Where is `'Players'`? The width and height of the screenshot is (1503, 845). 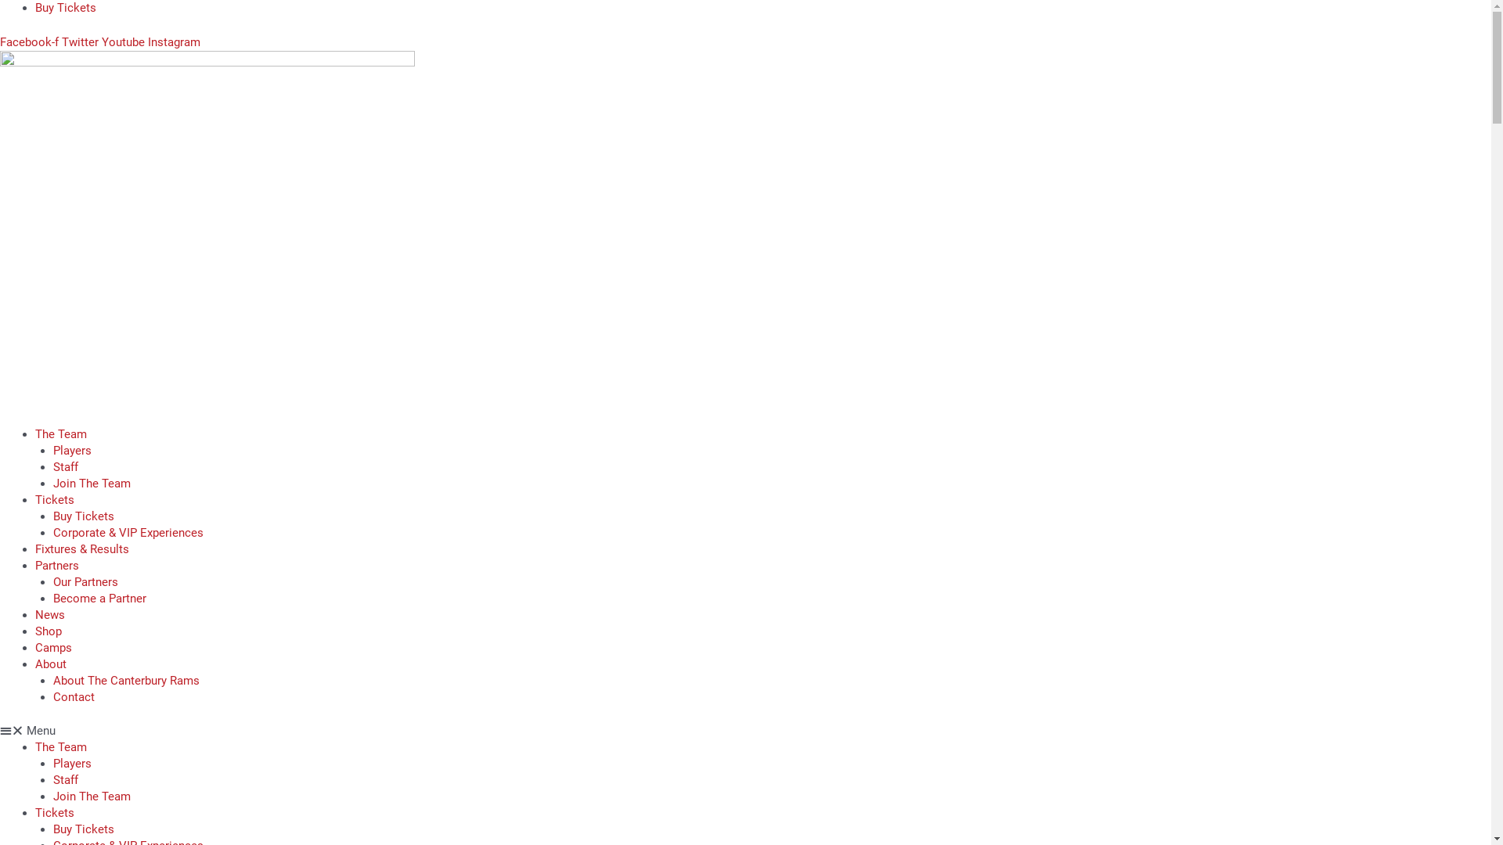
'Players' is located at coordinates (52, 762).